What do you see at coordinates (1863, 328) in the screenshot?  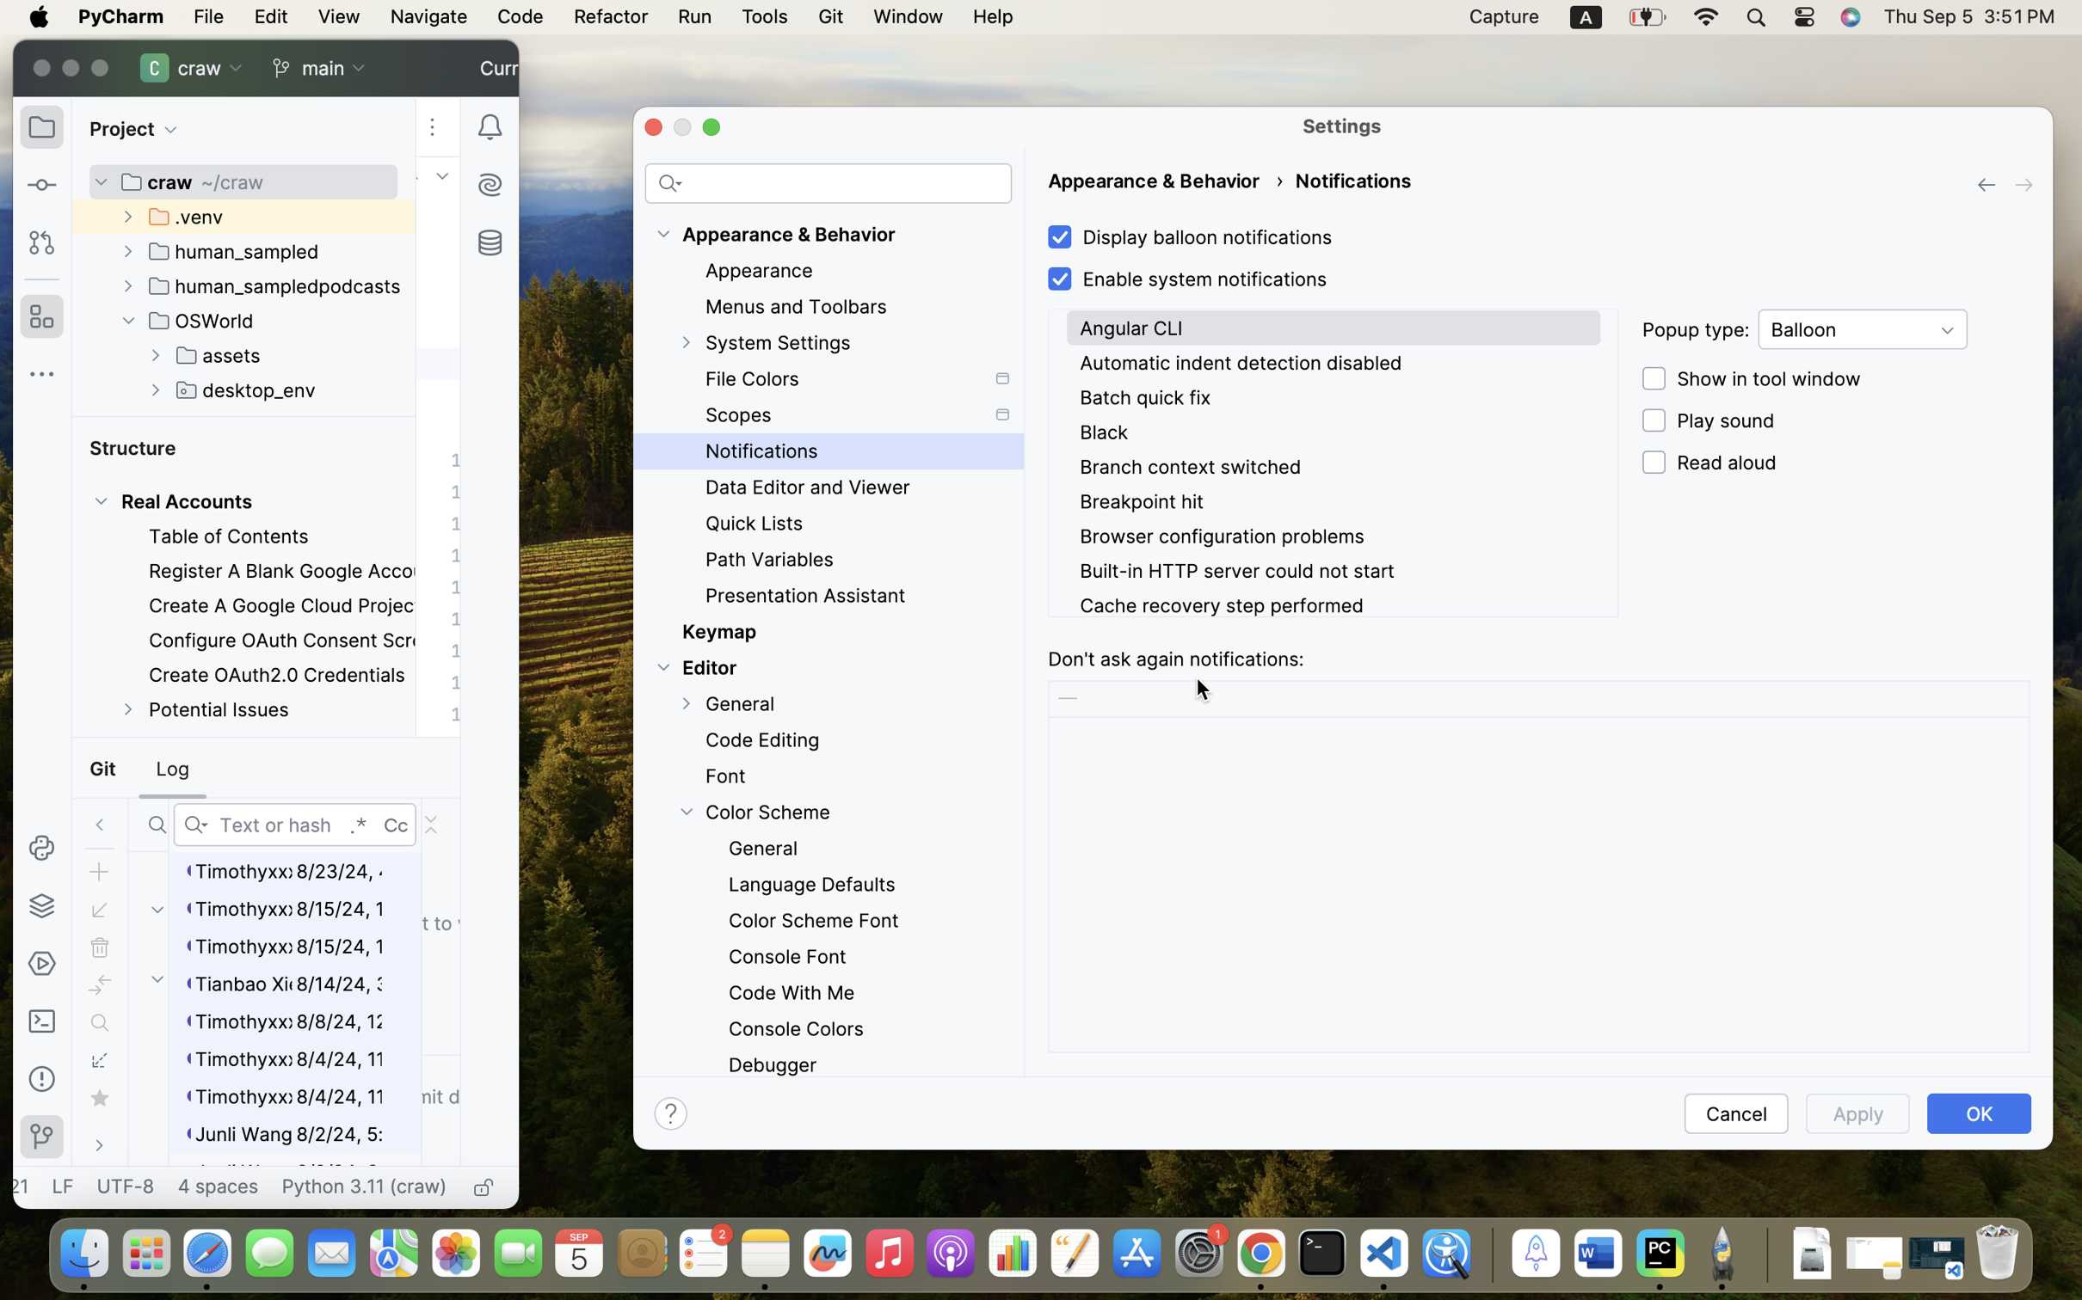 I see `'Balloon'` at bounding box center [1863, 328].